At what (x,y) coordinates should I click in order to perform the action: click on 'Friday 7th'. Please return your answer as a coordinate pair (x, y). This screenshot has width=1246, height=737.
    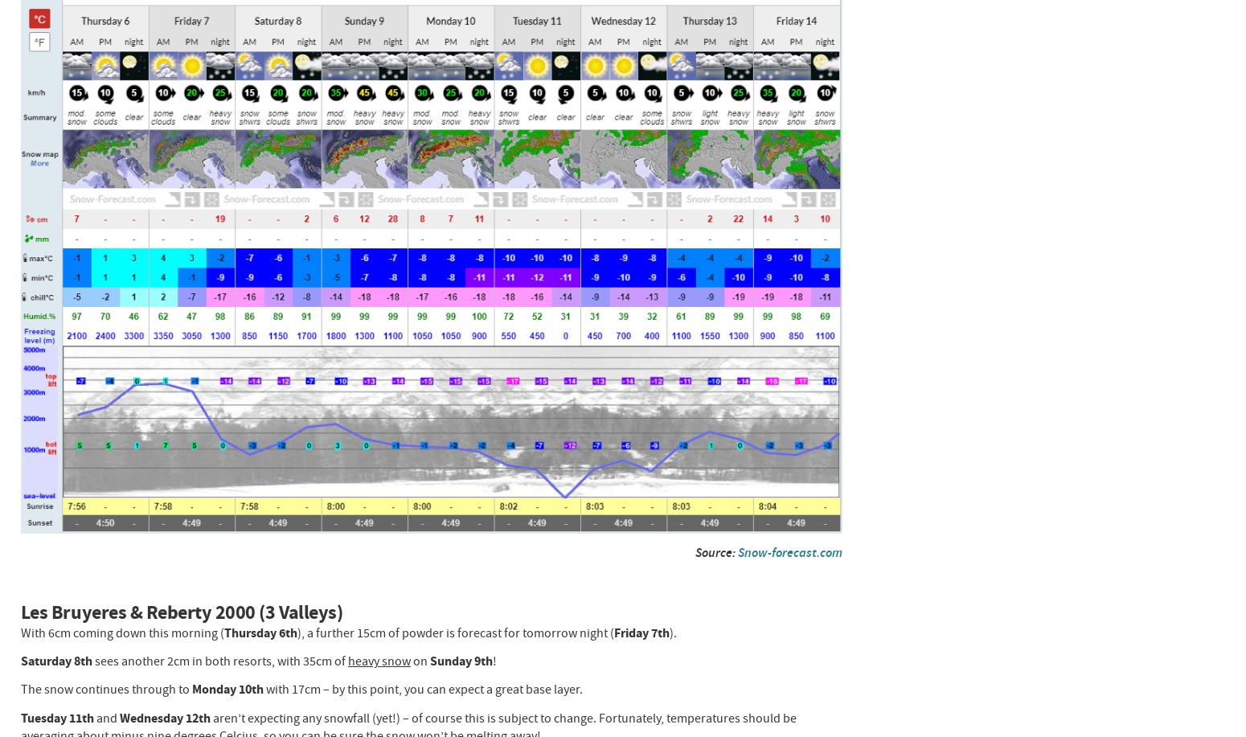
    Looking at the image, I should click on (640, 632).